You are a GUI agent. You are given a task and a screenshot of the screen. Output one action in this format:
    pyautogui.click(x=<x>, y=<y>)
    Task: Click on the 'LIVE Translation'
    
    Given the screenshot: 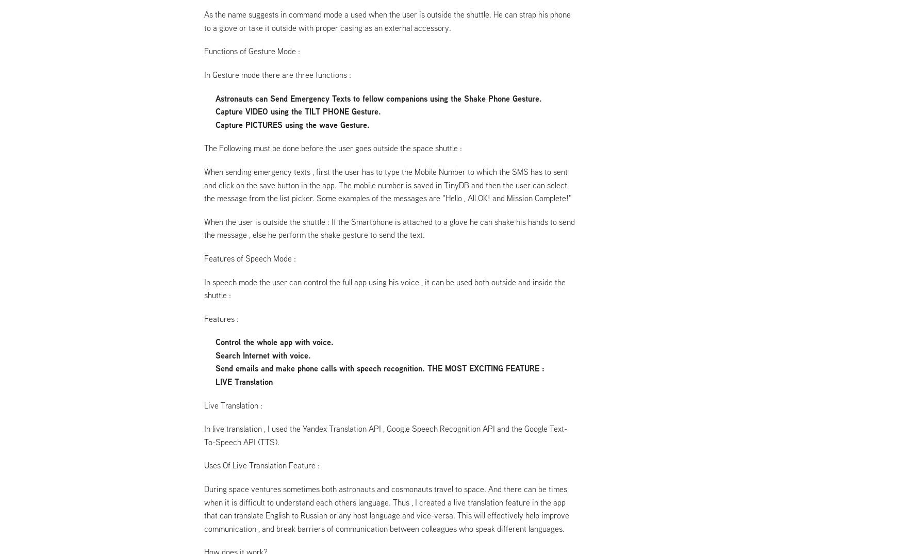 What is the action you would take?
    pyautogui.click(x=243, y=382)
    